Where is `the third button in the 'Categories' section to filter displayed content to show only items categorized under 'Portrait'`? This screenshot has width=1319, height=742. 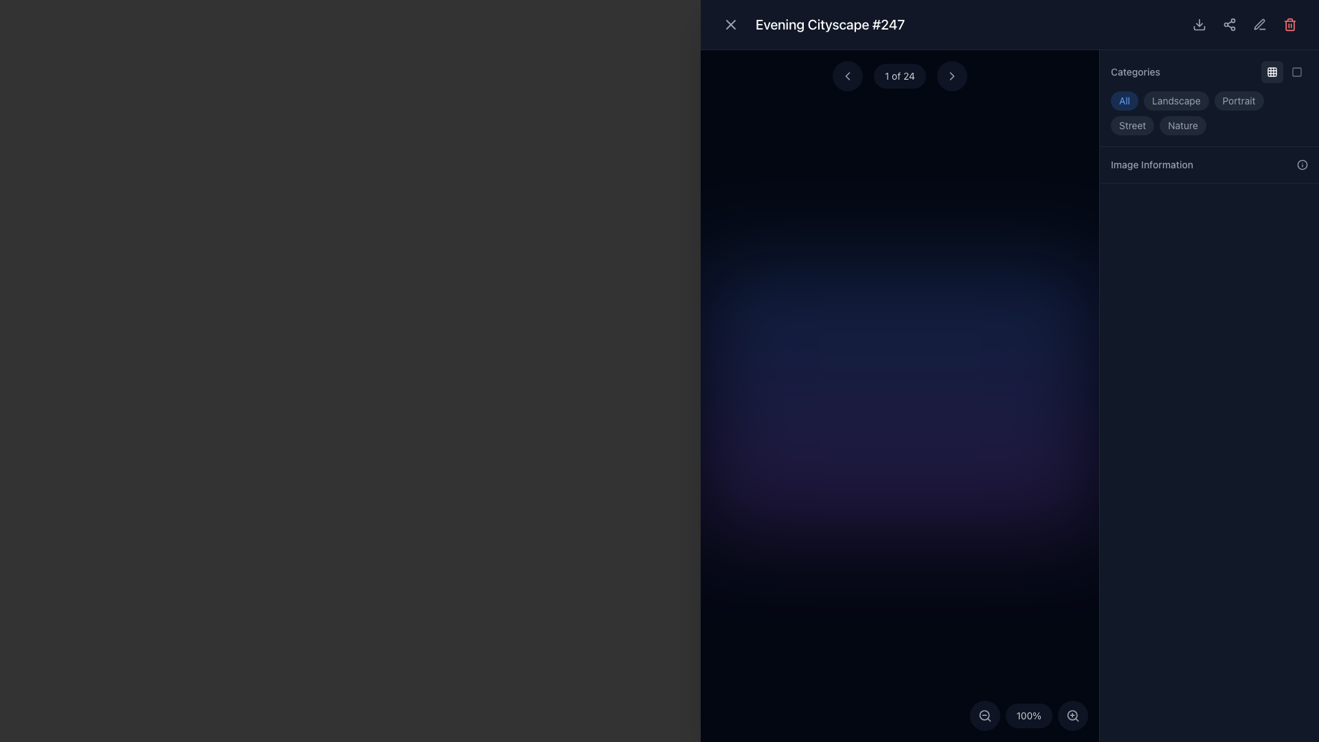
the third button in the 'Categories' section to filter displayed content to show only items categorized under 'Portrait' is located at coordinates (1239, 100).